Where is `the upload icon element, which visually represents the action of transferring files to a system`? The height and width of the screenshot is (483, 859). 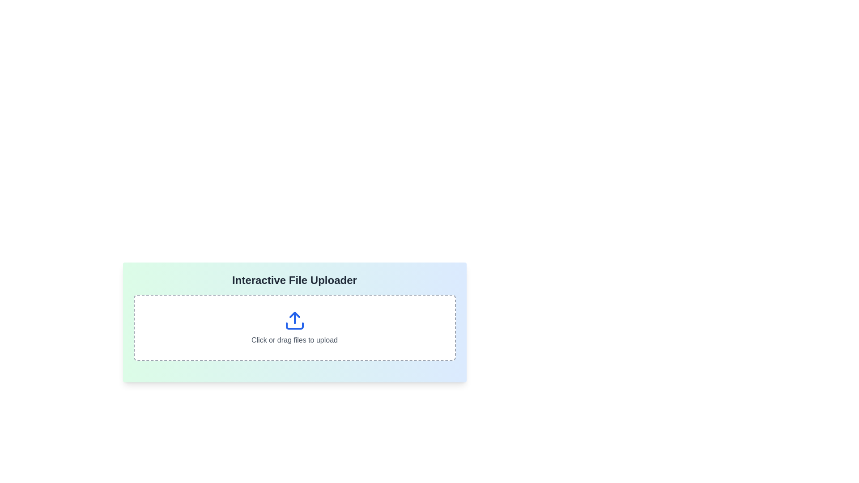 the upload icon element, which visually represents the action of transferring files to a system is located at coordinates (294, 320).